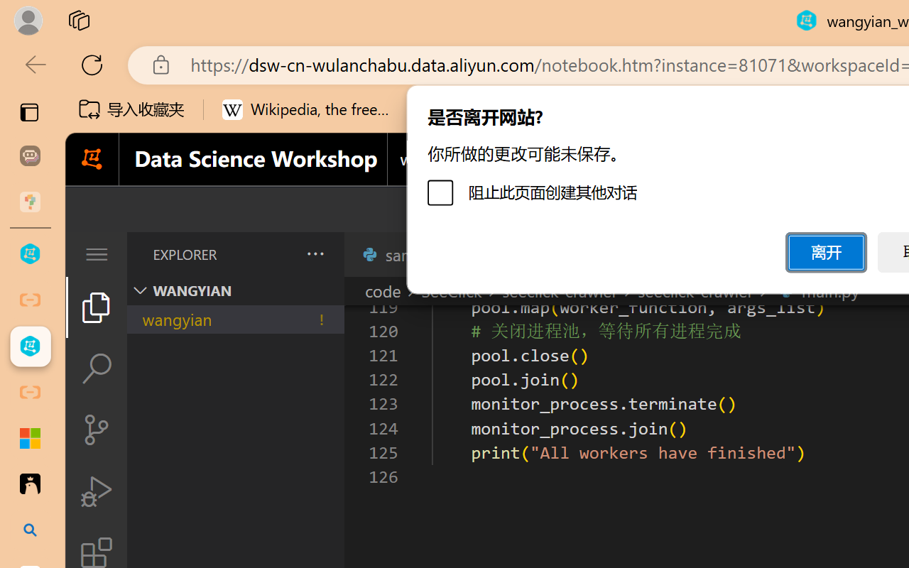 This screenshot has width=909, height=568. Describe the element at coordinates (313, 253) in the screenshot. I see `'Views and More Actions...'` at that location.